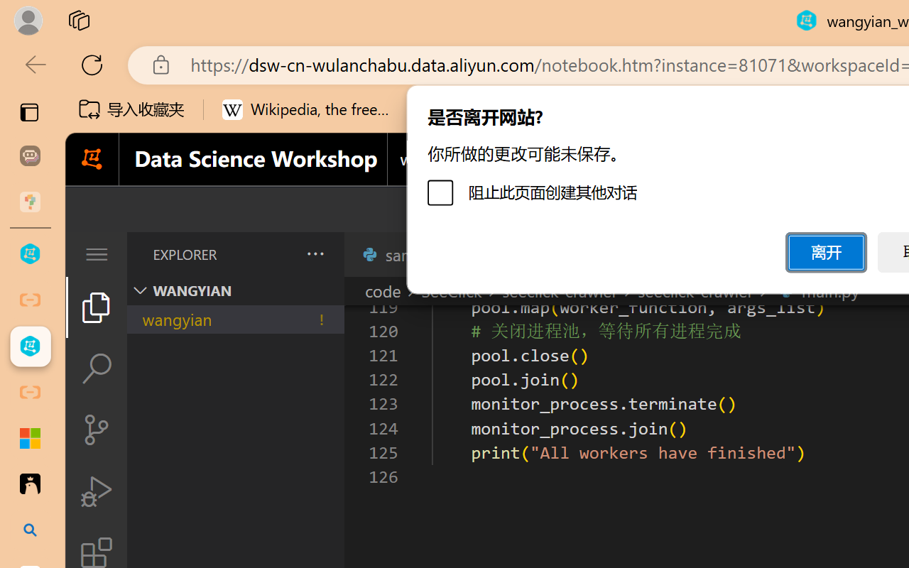 This screenshot has width=909, height=568. Describe the element at coordinates (313, 253) in the screenshot. I see `'Views and More Actions...'` at that location.